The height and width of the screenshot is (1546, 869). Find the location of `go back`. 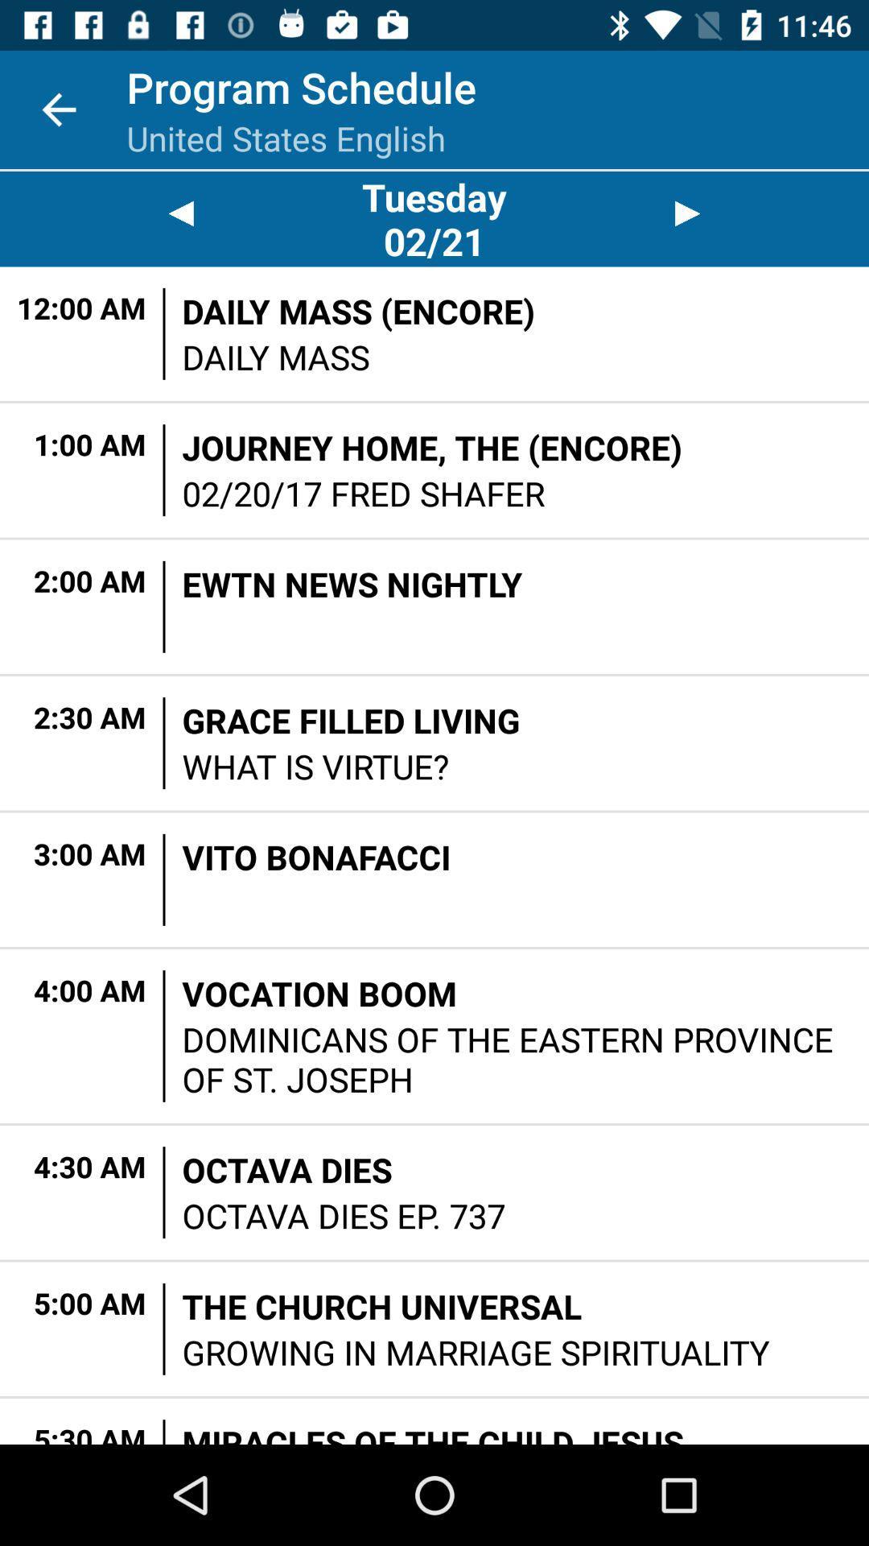

go back is located at coordinates (180, 213).